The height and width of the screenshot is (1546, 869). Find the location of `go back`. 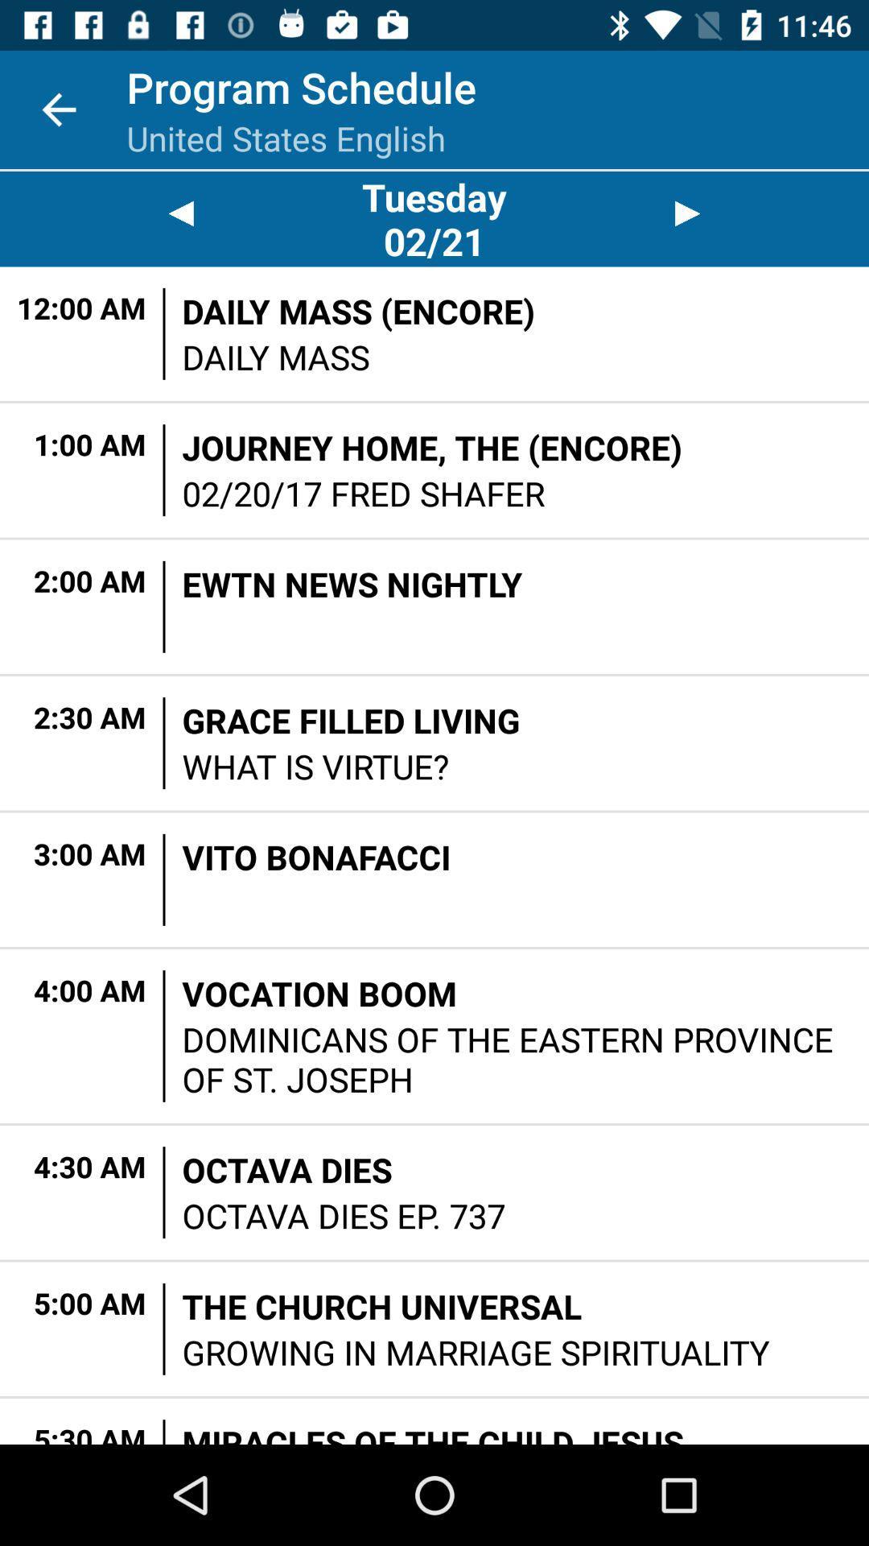

go back is located at coordinates (180, 213).